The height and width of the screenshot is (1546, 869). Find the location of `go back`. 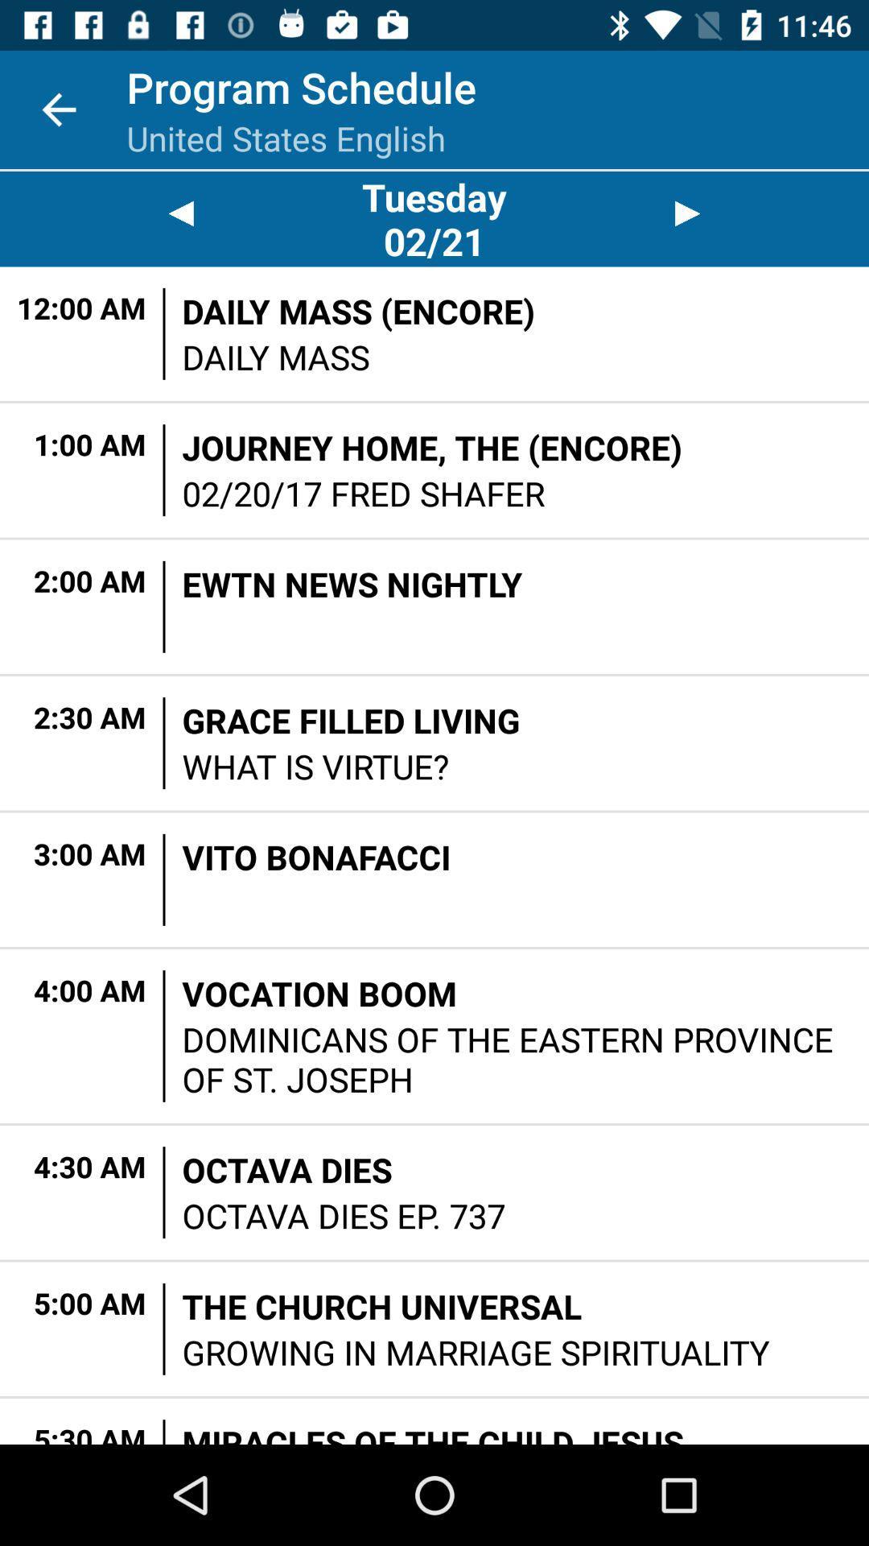

go back is located at coordinates (180, 213).